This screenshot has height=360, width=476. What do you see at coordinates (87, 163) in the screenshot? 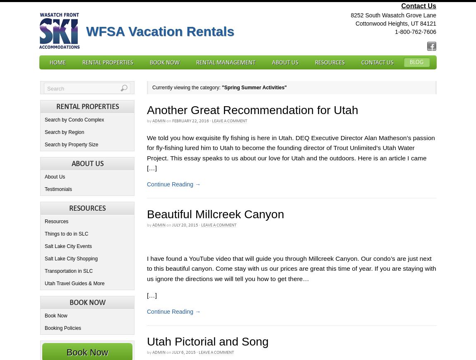
I see `'About us'` at bounding box center [87, 163].